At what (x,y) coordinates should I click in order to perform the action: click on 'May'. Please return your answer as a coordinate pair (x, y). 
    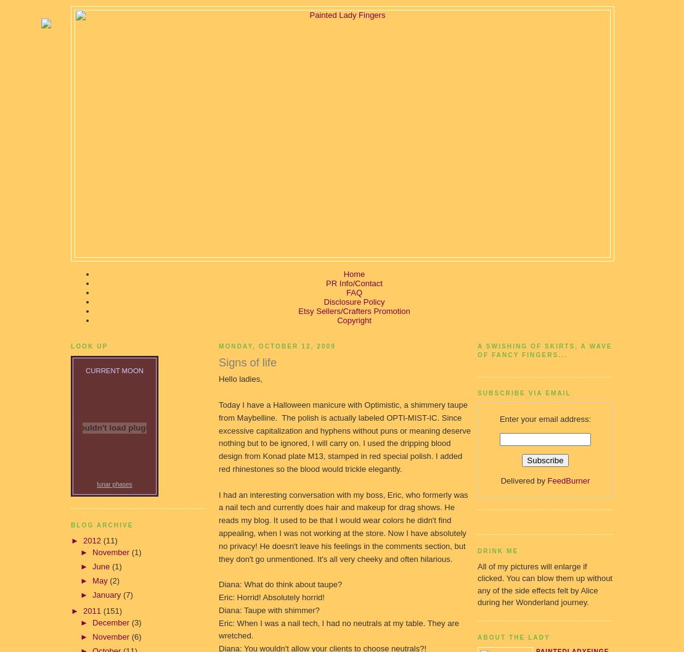
    Looking at the image, I should click on (100, 580).